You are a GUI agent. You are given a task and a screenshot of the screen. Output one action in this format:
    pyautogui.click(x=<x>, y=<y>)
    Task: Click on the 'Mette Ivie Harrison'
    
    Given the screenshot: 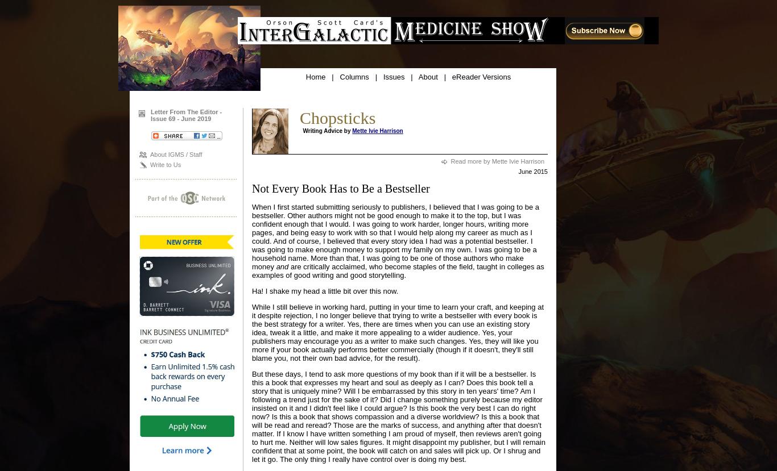 What is the action you would take?
    pyautogui.click(x=377, y=131)
    